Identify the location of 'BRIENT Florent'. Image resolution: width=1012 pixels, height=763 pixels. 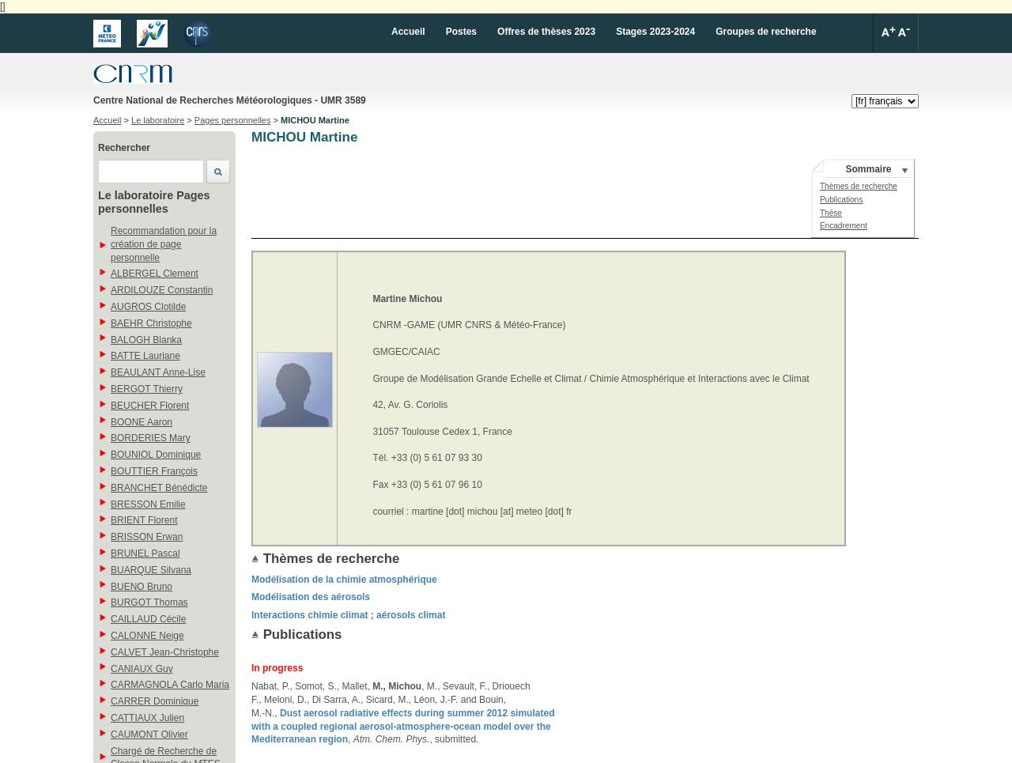
(144, 520).